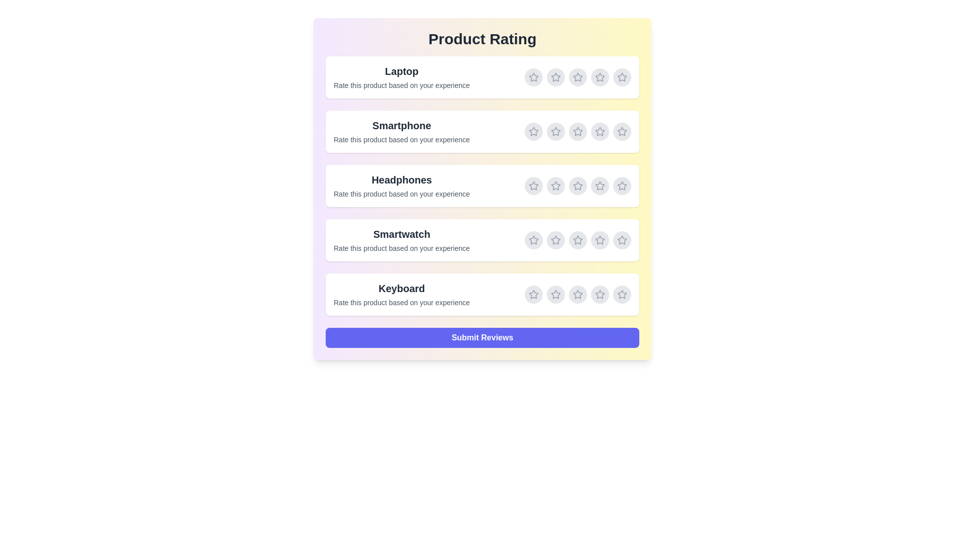 Image resolution: width=965 pixels, height=543 pixels. What do you see at coordinates (578, 131) in the screenshot?
I see `the rating for Smartphone to 3 stars` at bounding box center [578, 131].